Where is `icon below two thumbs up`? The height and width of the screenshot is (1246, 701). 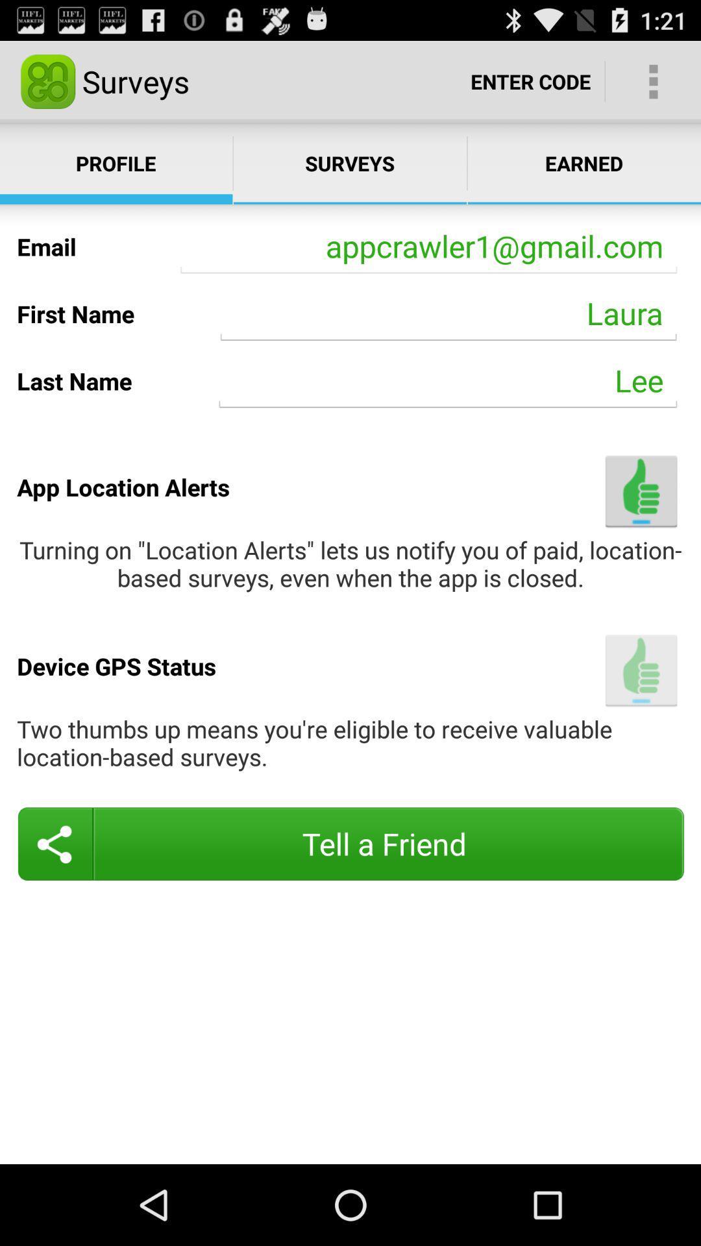 icon below two thumbs up is located at coordinates (350, 844).